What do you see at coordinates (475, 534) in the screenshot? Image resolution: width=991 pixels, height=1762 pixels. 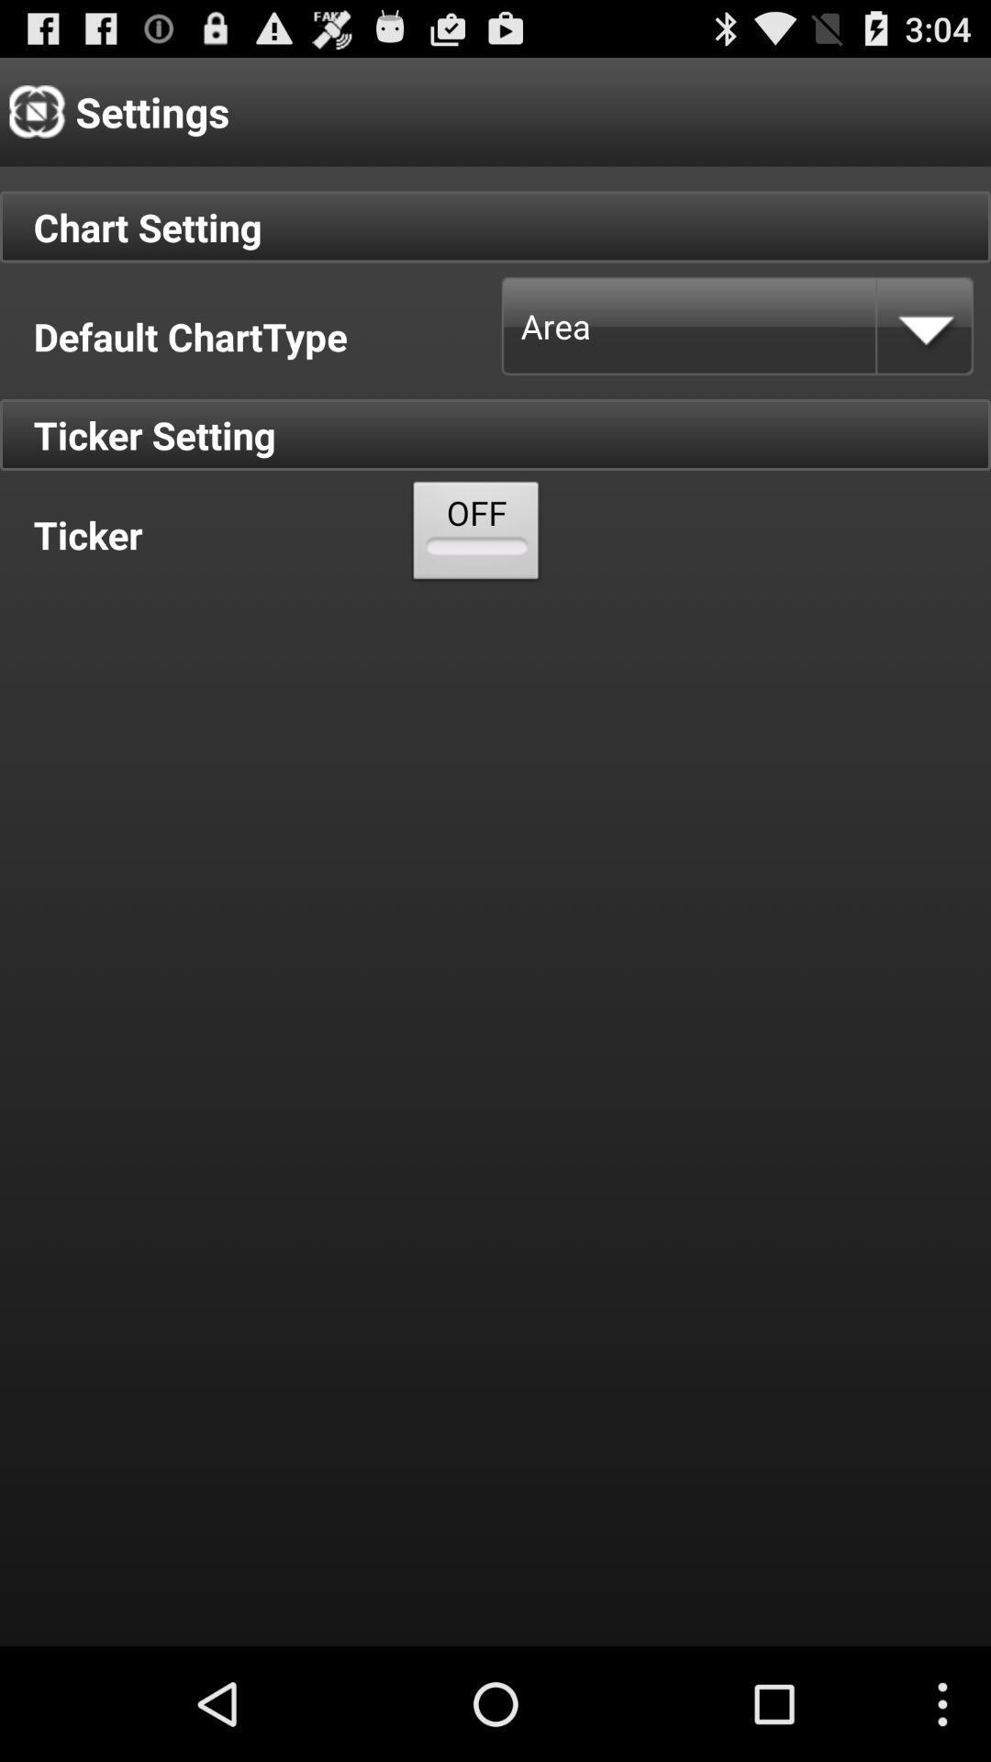 I see `off icon` at bounding box center [475, 534].